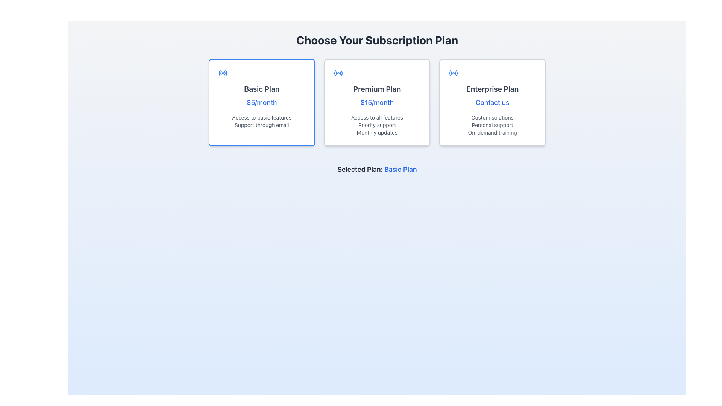  I want to click on the 'Basic Plan' text label, which is styled in bold and dark gray, located at the top of the card representing the 'Basic Plan' subscription tier, so click(262, 88).